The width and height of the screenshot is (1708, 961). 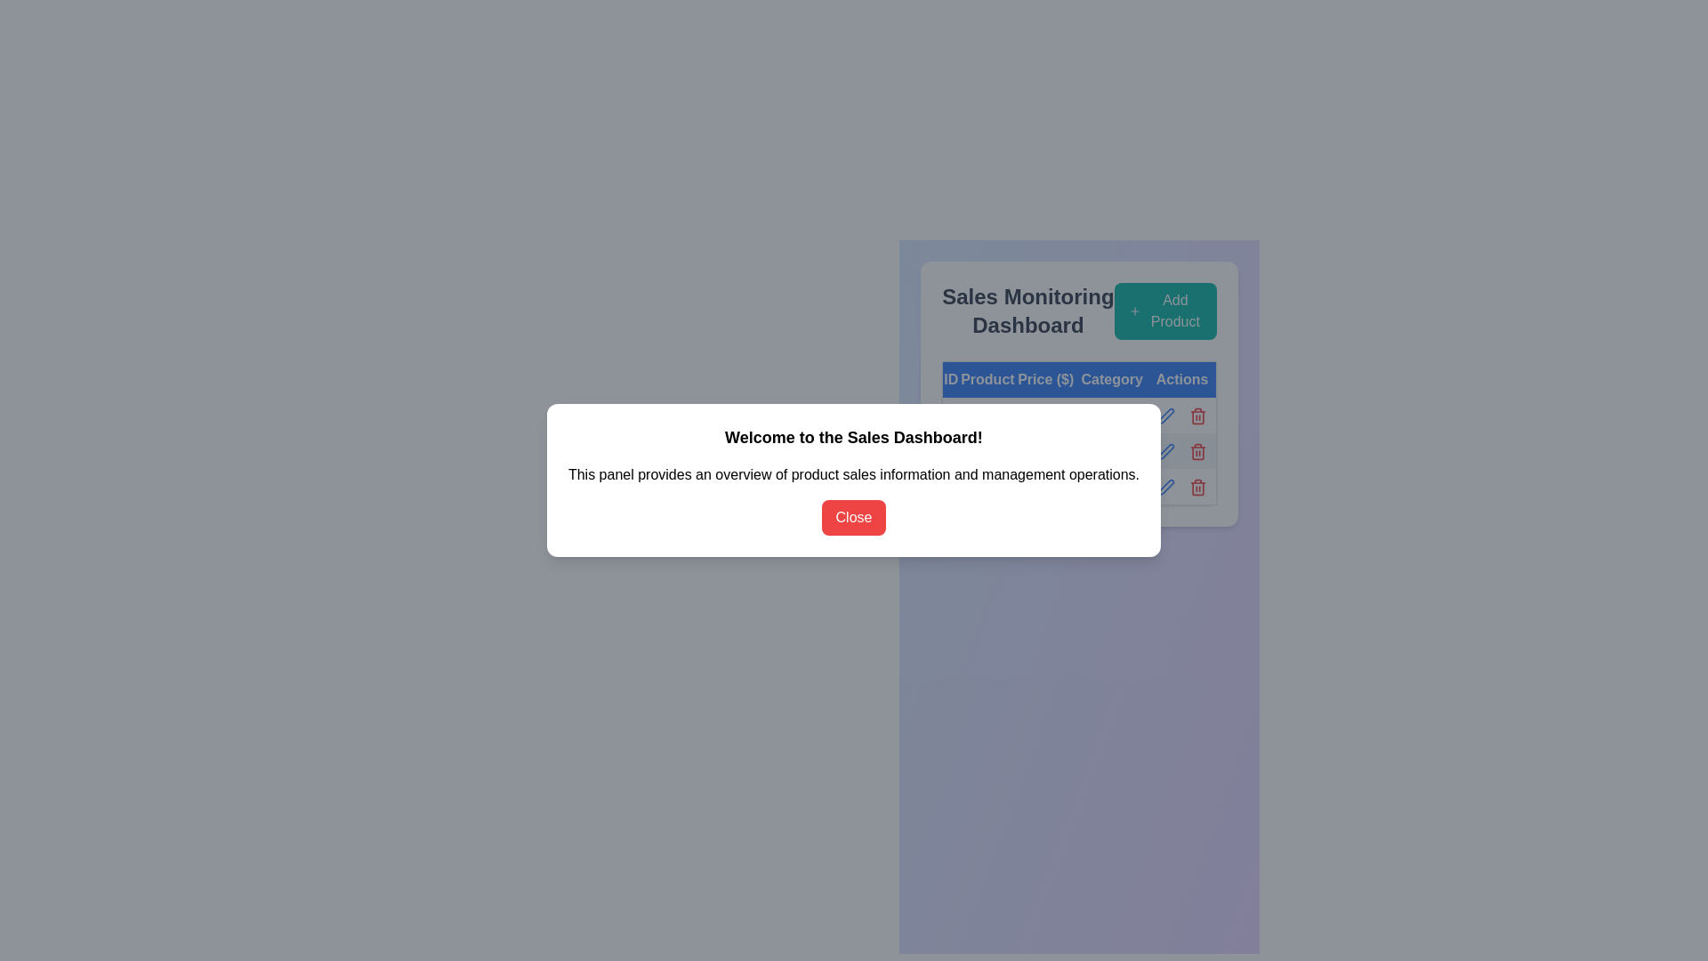 What do you see at coordinates (1165, 487) in the screenshot?
I see `the pen-shaped icon with a blue outline located in the action column of the tabular data interface` at bounding box center [1165, 487].